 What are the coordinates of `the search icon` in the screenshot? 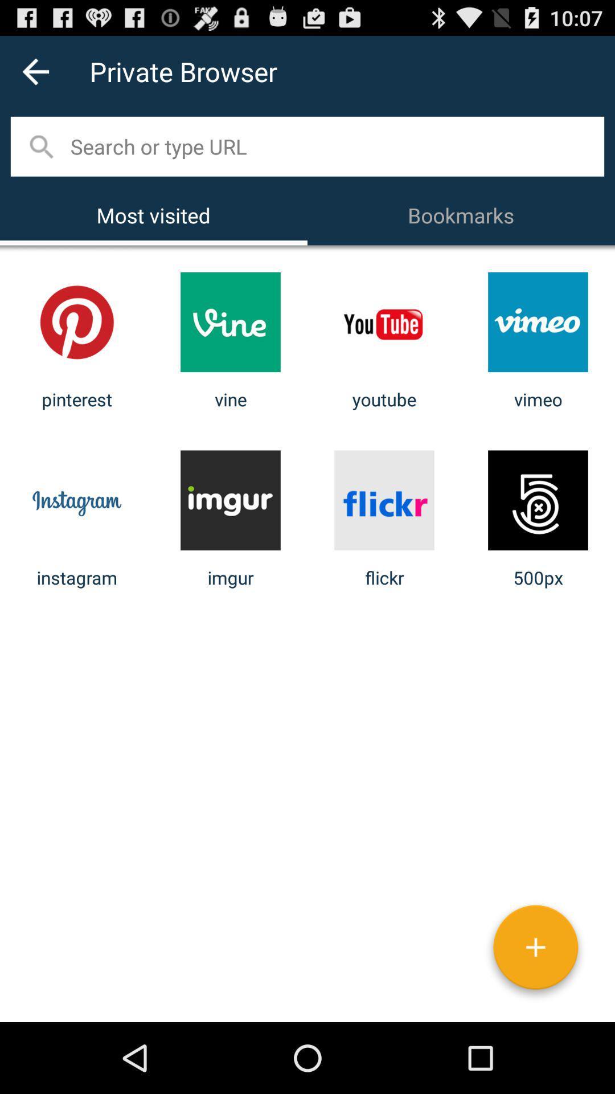 It's located at (40, 156).